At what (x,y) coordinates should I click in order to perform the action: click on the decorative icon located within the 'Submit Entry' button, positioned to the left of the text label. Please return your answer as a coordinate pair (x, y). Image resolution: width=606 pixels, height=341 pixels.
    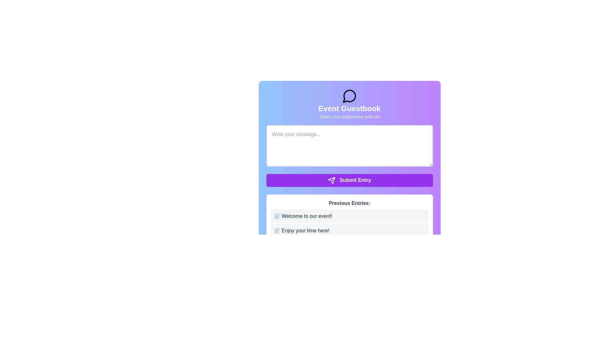
    Looking at the image, I should click on (331, 180).